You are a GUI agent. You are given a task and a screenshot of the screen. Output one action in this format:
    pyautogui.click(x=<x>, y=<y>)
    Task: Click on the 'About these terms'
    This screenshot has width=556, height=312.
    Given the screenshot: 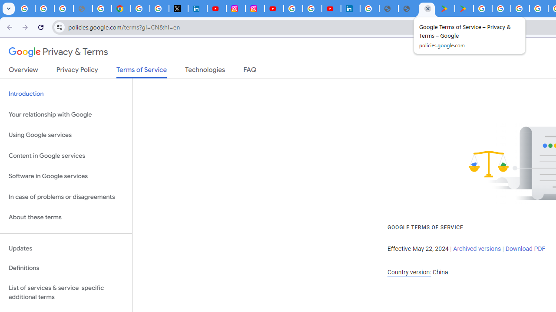 What is the action you would take?
    pyautogui.click(x=66, y=217)
    